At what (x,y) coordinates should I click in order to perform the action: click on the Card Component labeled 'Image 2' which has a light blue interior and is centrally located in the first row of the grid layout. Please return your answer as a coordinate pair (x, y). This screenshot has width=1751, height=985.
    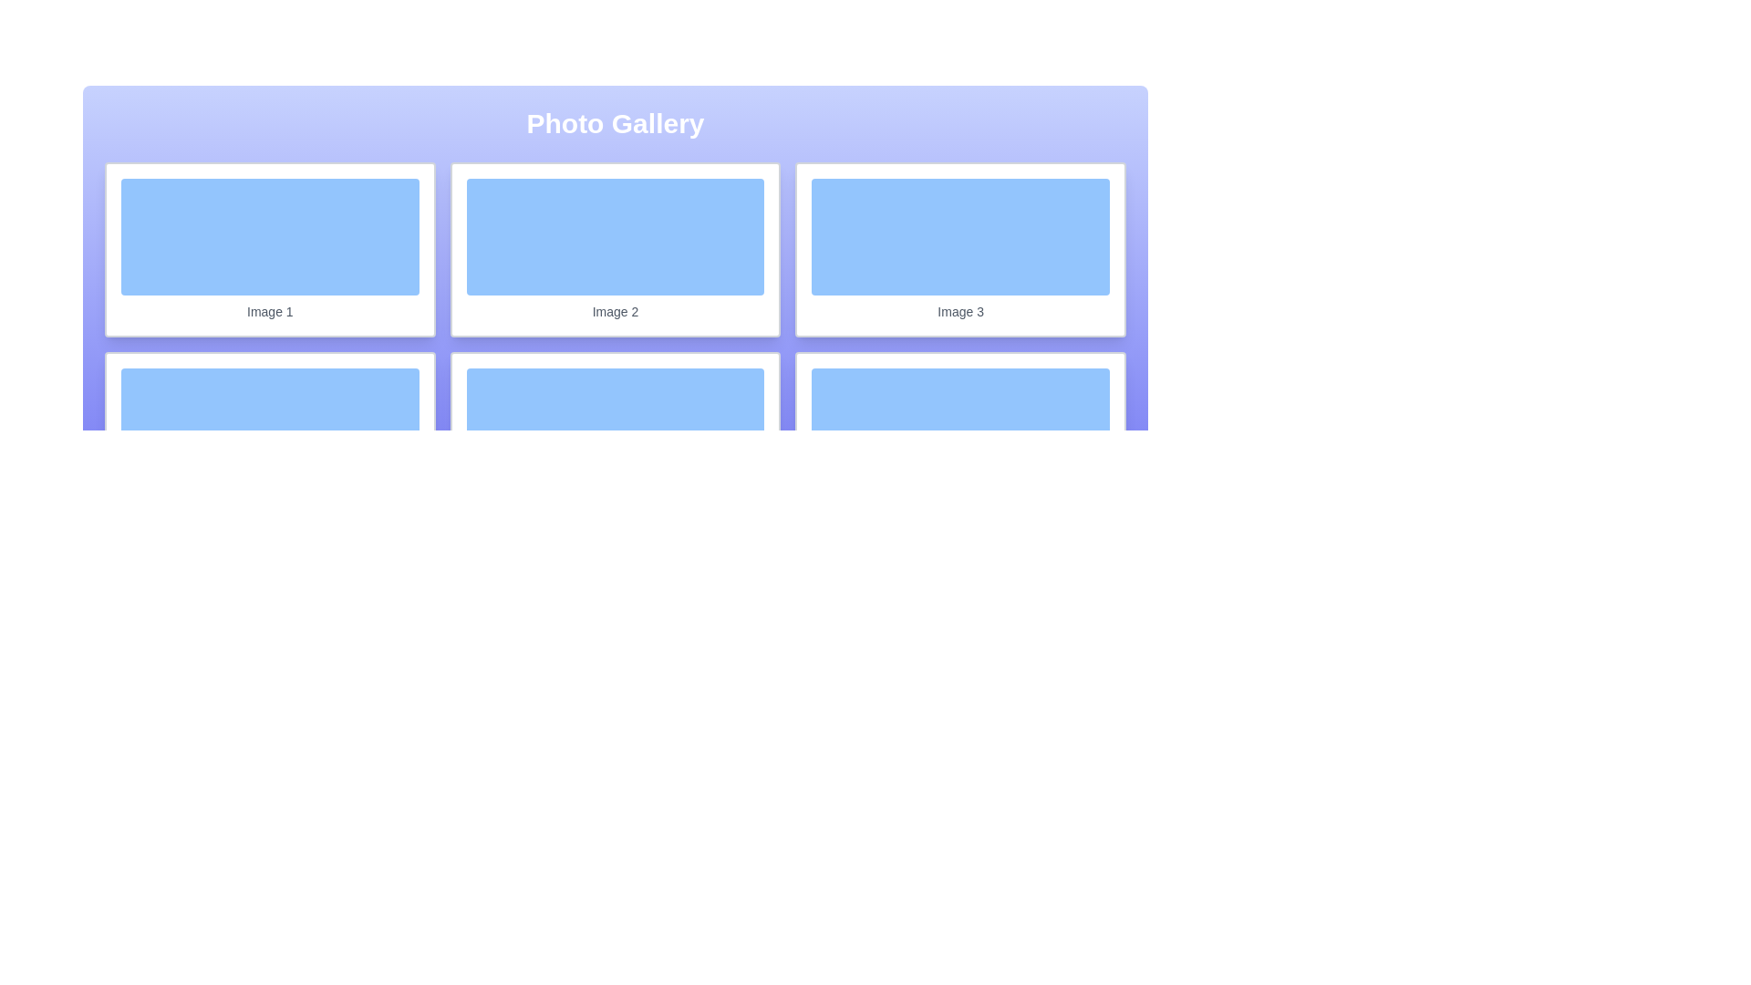
    Looking at the image, I should click on (616, 249).